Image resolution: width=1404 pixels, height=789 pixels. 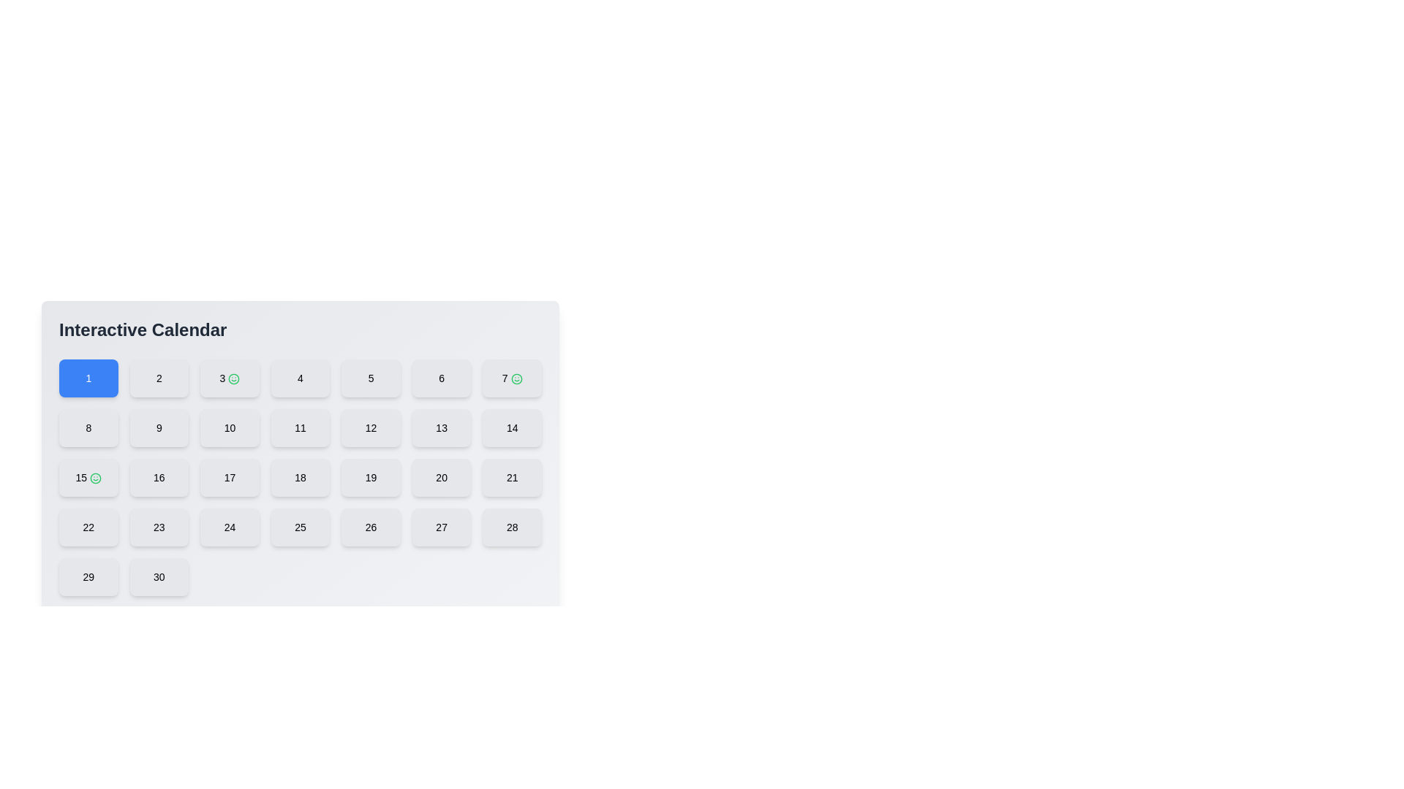 What do you see at coordinates (371, 377) in the screenshot?
I see `the rounded rectangular button displaying the number '5'` at bounding box center [371, 377].